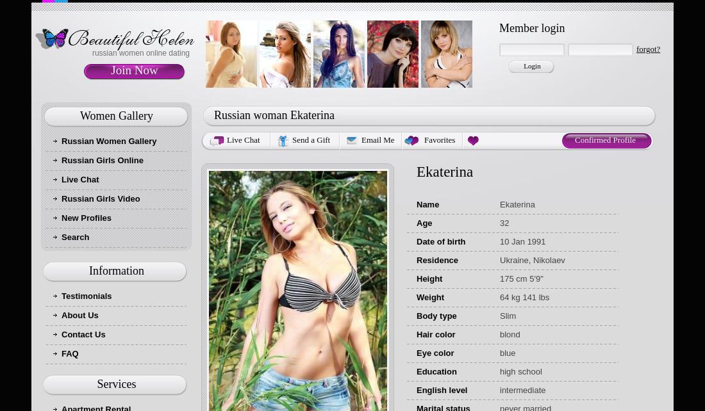 This screenshot has width=705, height=411. What do you see at coordinates (101, 159) in the screenshot?
I see `'Russian Girls Online'` at bounding box center [101, 159].